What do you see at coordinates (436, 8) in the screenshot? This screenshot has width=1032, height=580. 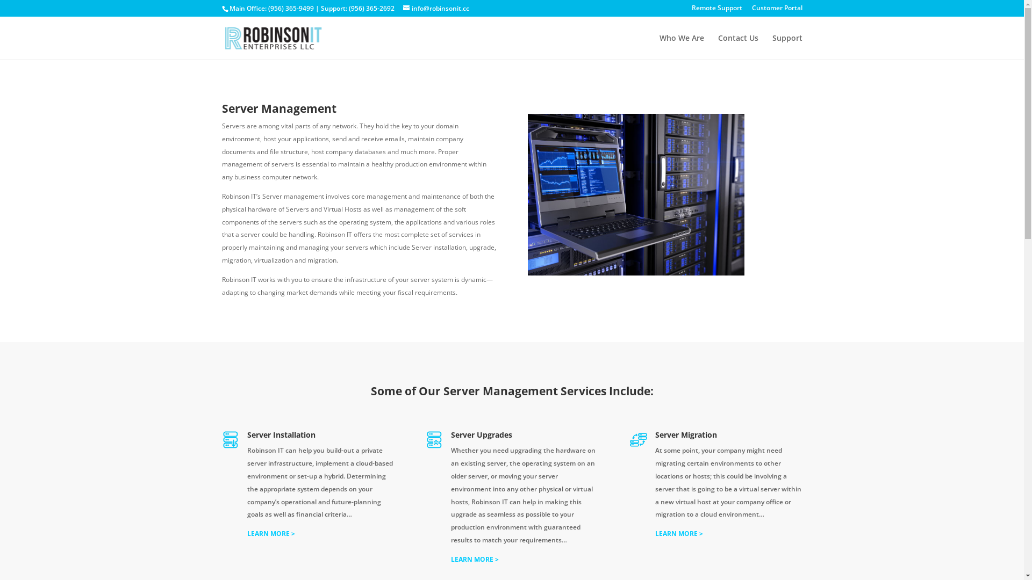 I see `'info@robinsonit.cc'` at bounding box center [436, 8].